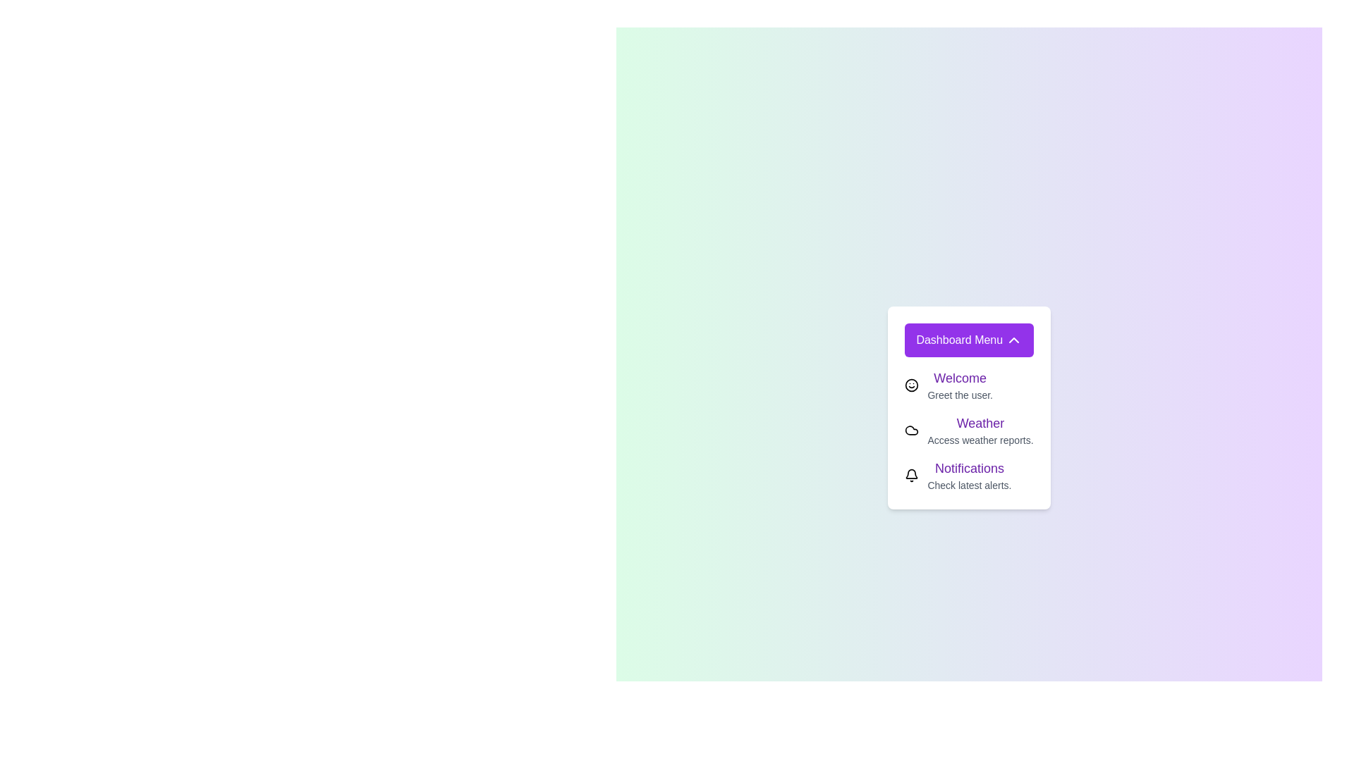  Describe the element at coordinates (968, 340) in the screenshot. I see `the 'Dashboard Menu' button to toggle the menu visibility` at that location.